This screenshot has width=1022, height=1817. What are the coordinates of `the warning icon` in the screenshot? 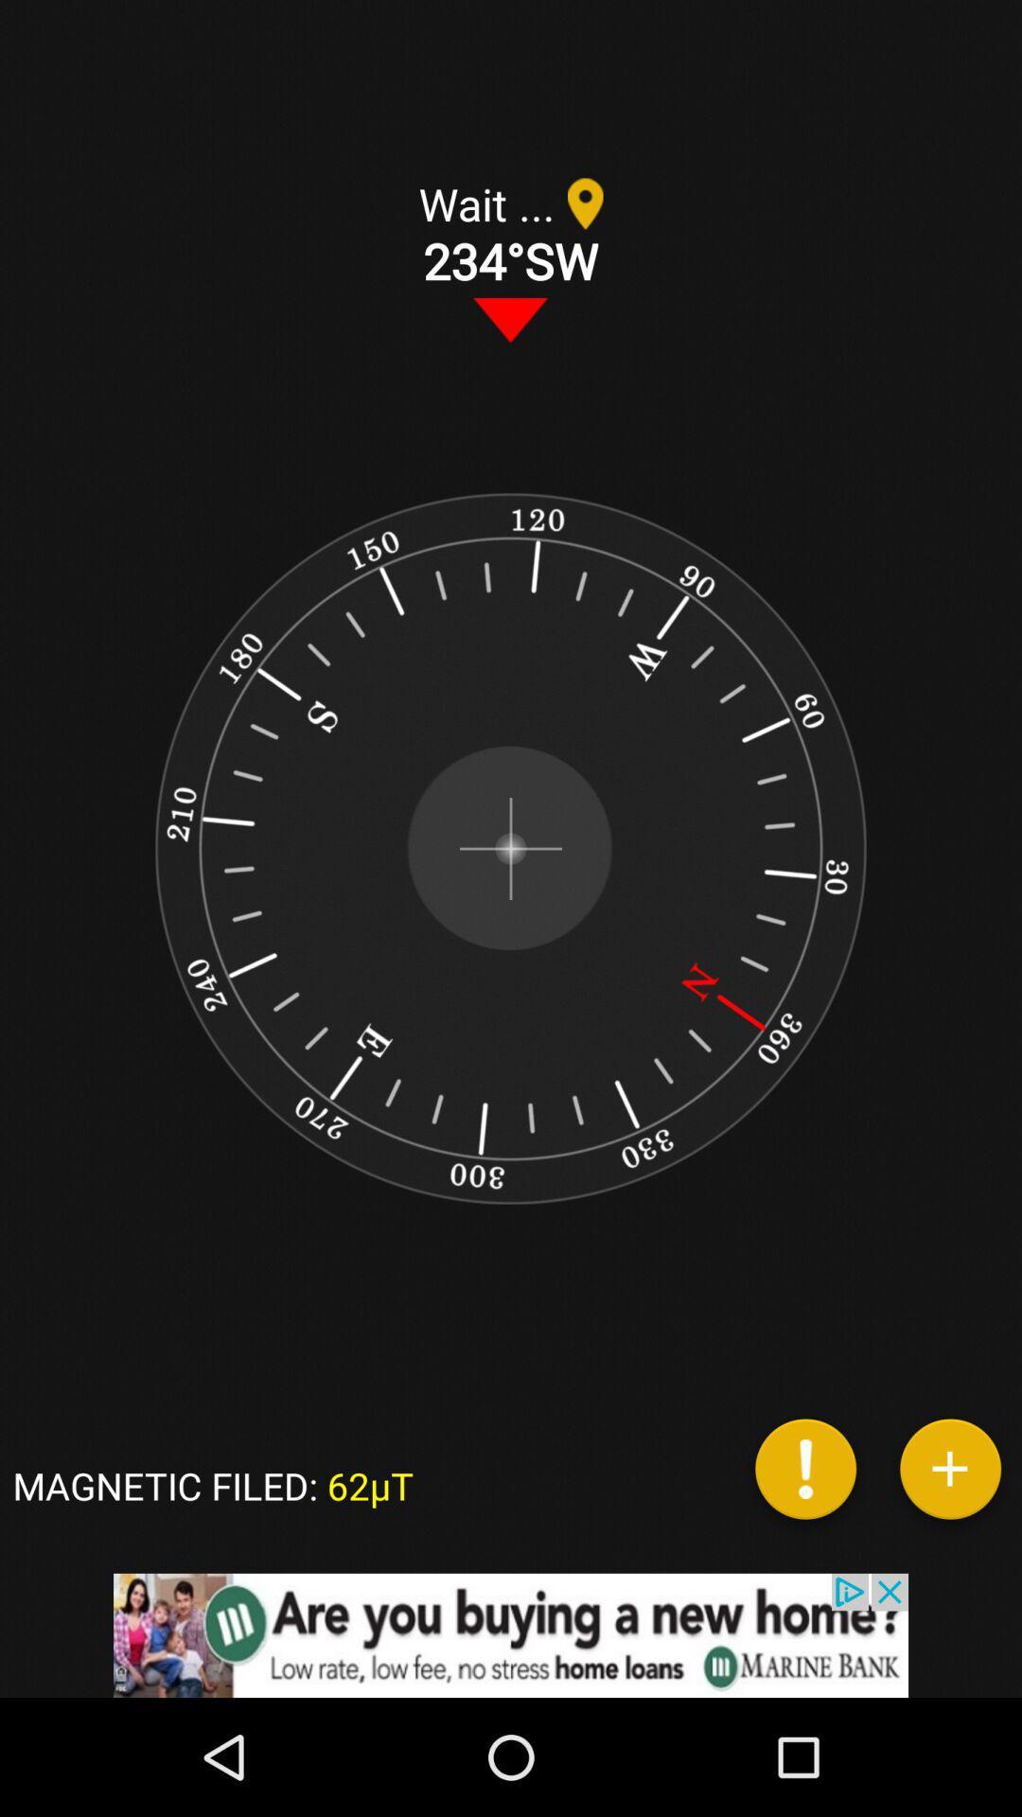 It's located at (805, 1475).